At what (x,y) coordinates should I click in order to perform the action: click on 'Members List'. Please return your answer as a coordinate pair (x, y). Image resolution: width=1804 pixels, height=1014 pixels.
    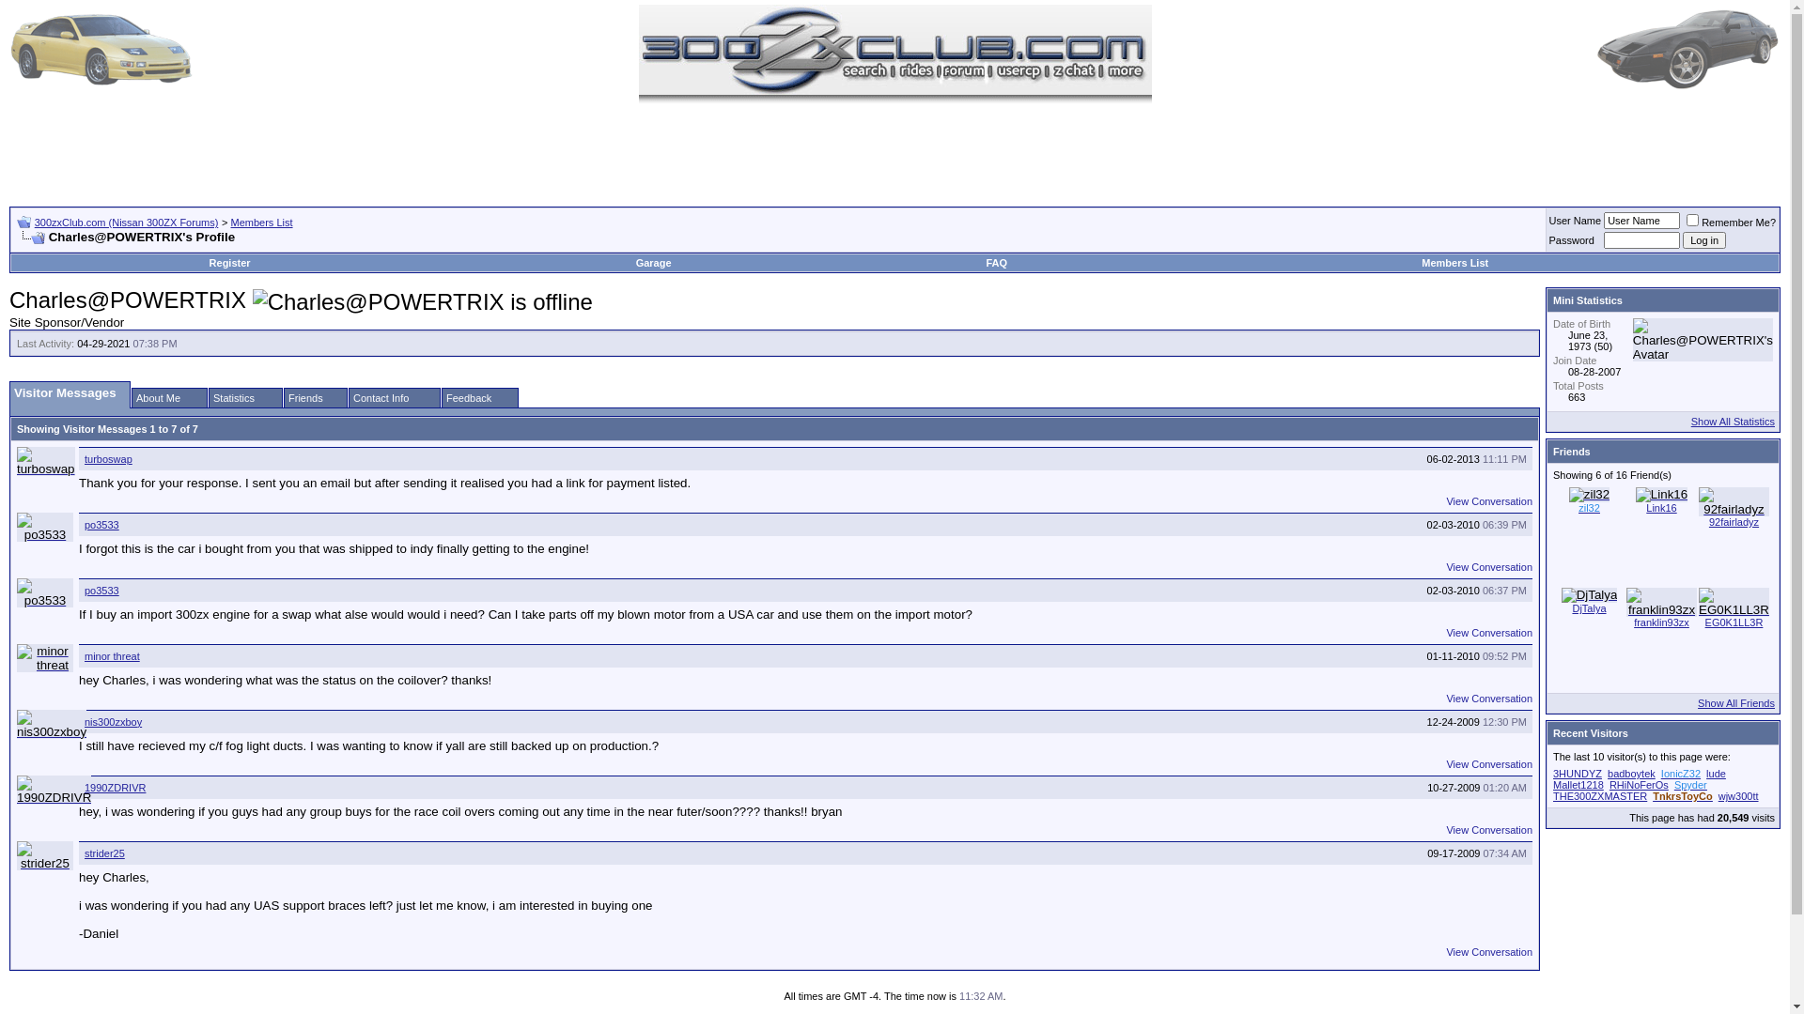
    Looking at the image, I should click on (260, 221).